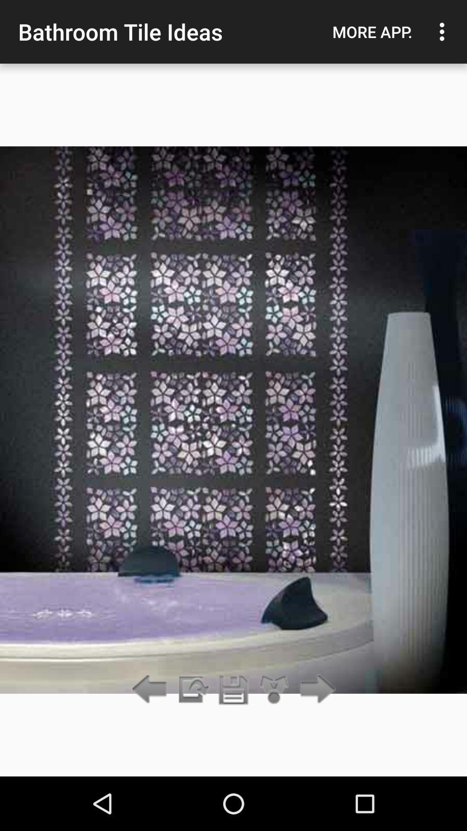 Image resolution: width=467 pixels, height=831 pixels. I want to click on the icon next to the more app. icon, so click(444, 32).